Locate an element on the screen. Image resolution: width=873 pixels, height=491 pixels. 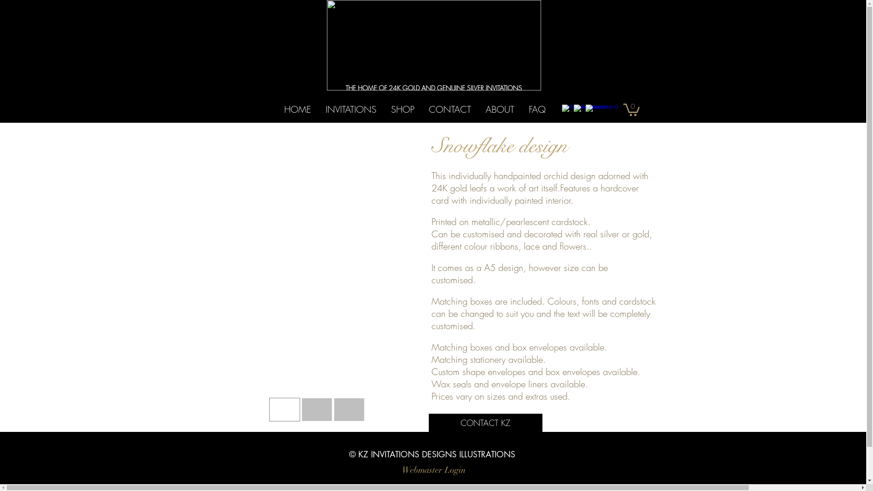
'0' is located at coordinates (630, 108).